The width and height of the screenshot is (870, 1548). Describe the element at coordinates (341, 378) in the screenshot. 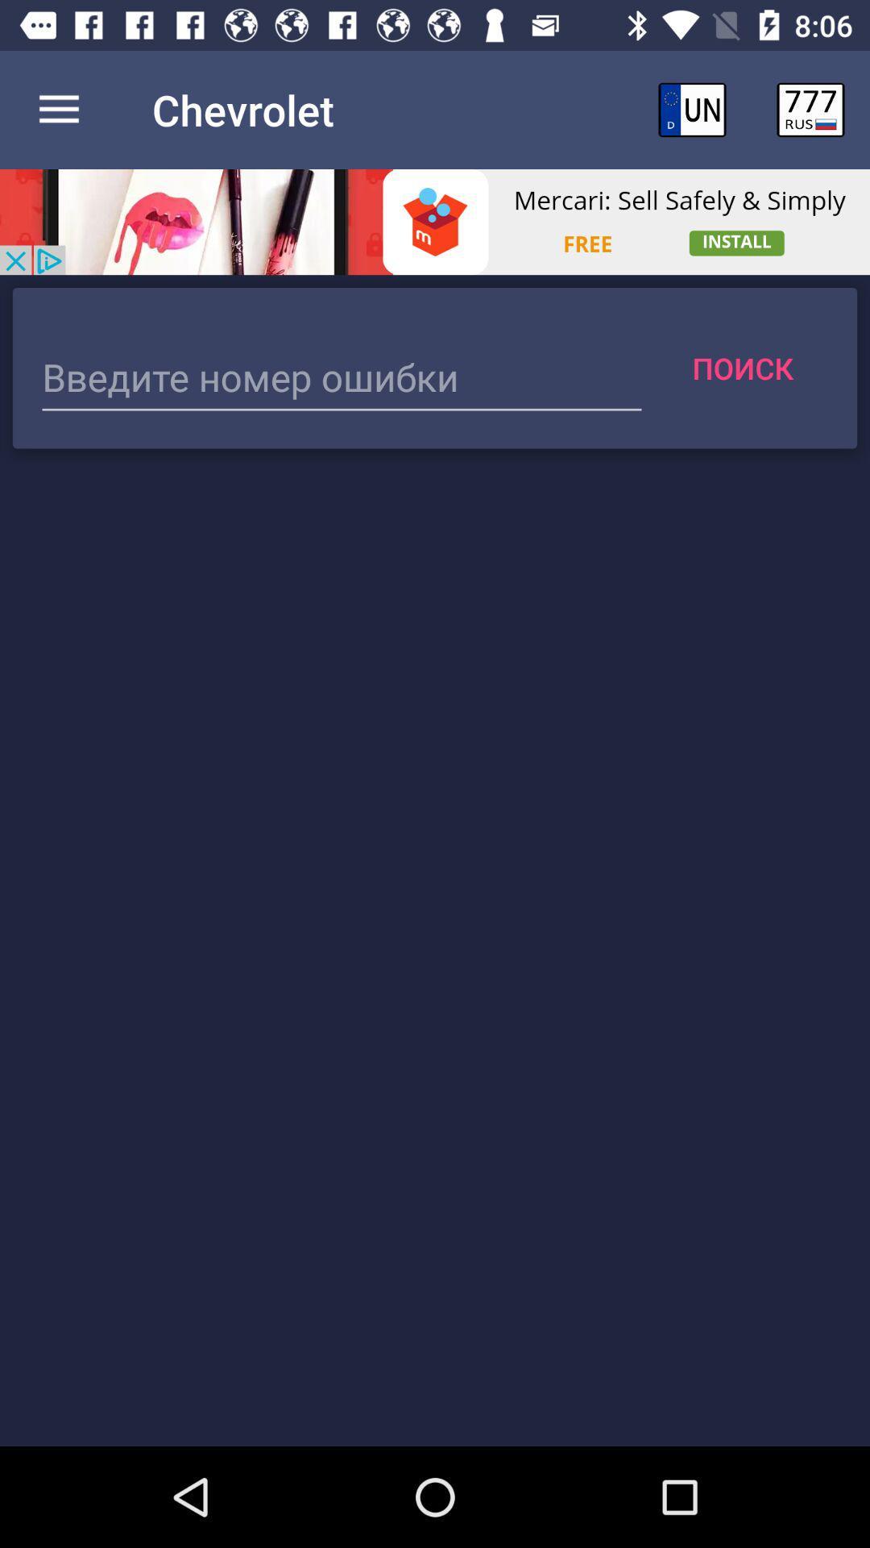

I see `screen page` at that location.